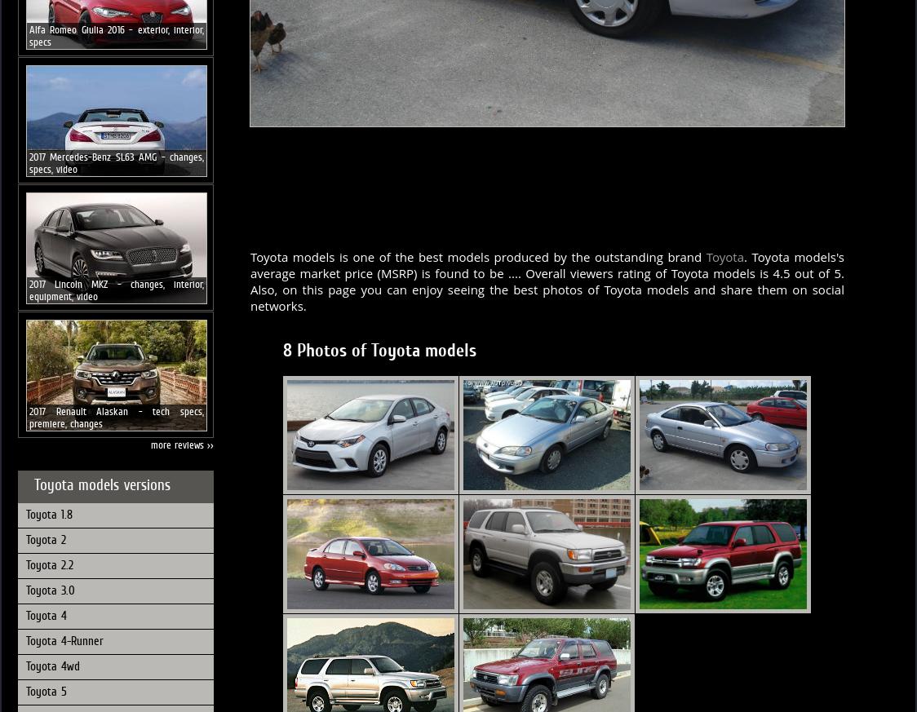  Describe the element at coordinates (101, 483) in the screenshot. I see `'Toyota models versions'` at that location.